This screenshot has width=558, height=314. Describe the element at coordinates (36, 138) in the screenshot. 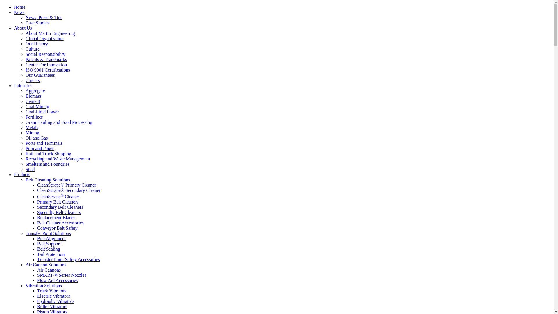

I see `'Oil and Gas'` at that location.